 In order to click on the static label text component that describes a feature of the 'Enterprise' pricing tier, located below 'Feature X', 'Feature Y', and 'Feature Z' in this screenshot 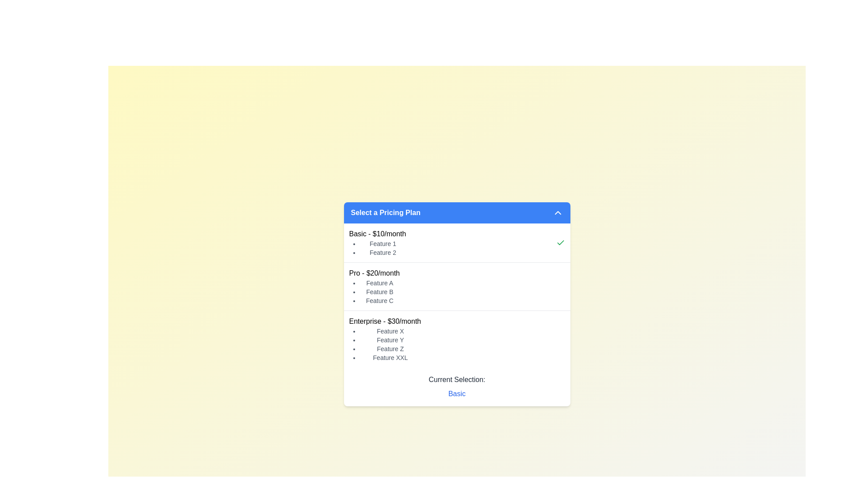, I will do `click(390, 358)`.